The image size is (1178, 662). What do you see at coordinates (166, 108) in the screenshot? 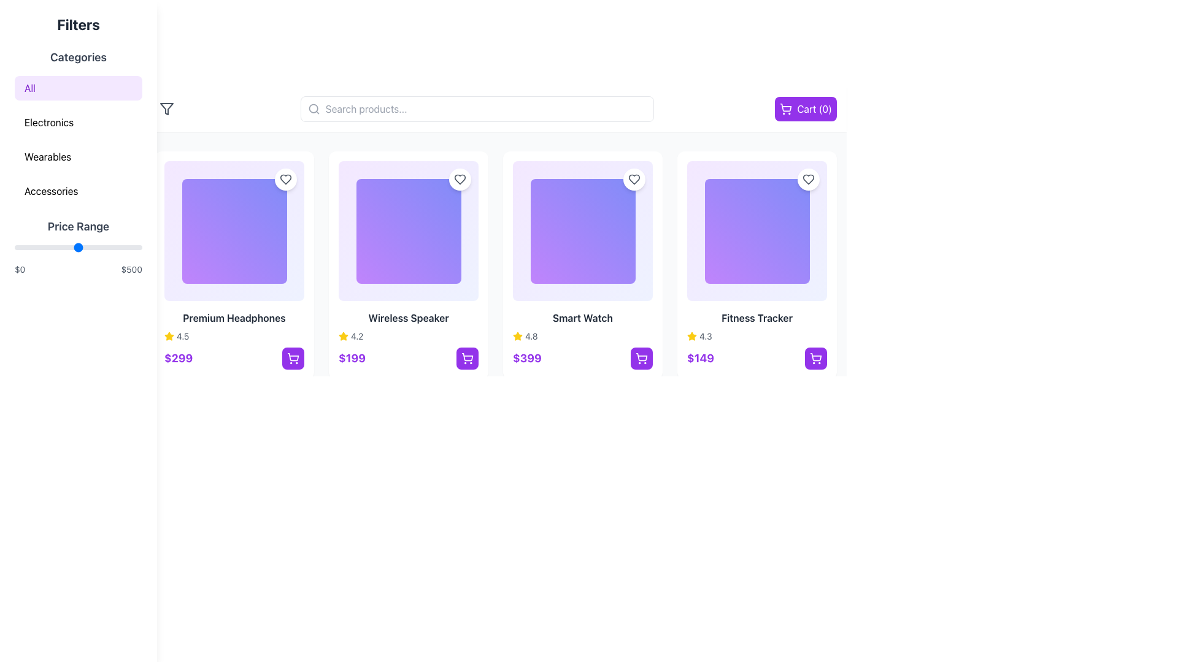
I see `the button situated in the top-left section of the main interface, immediately next to the search bar, to possibly reveal a tooltip` at bounding box center [166, 108].